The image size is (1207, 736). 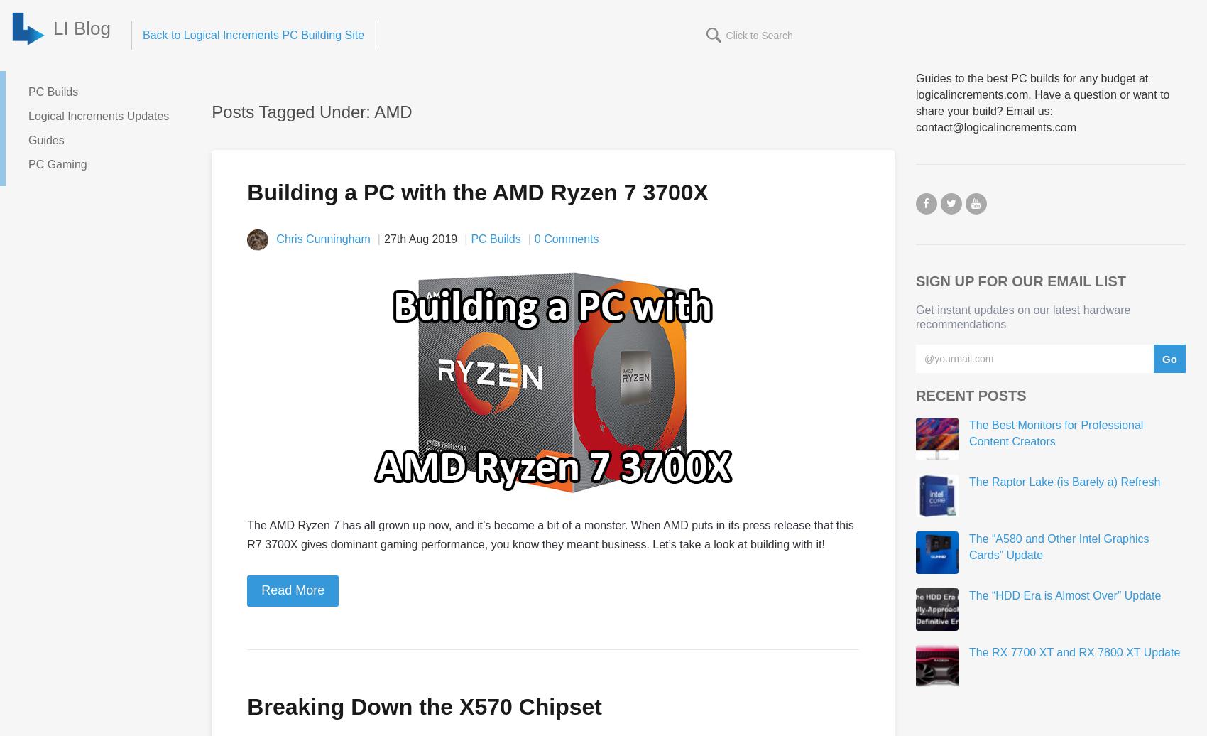 I want to click on 'Read More', so click(x=261, y=590).